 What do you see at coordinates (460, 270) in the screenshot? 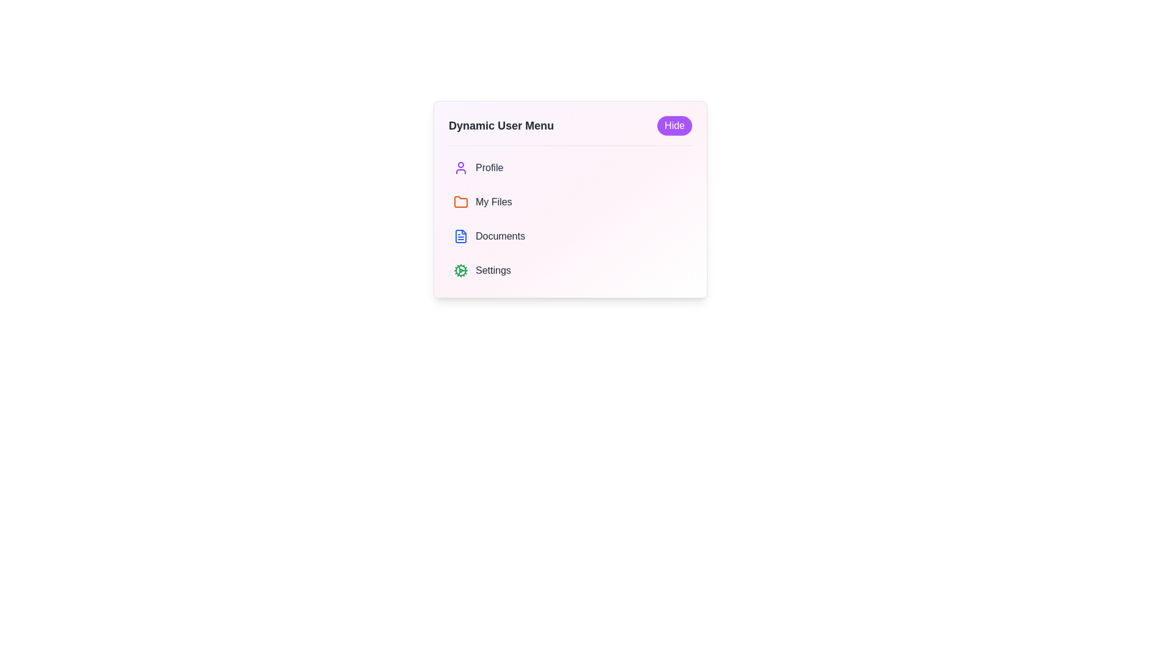
I see `the green cogwheel icon in the settings section of the user menu` at bounding box center [460, 270].